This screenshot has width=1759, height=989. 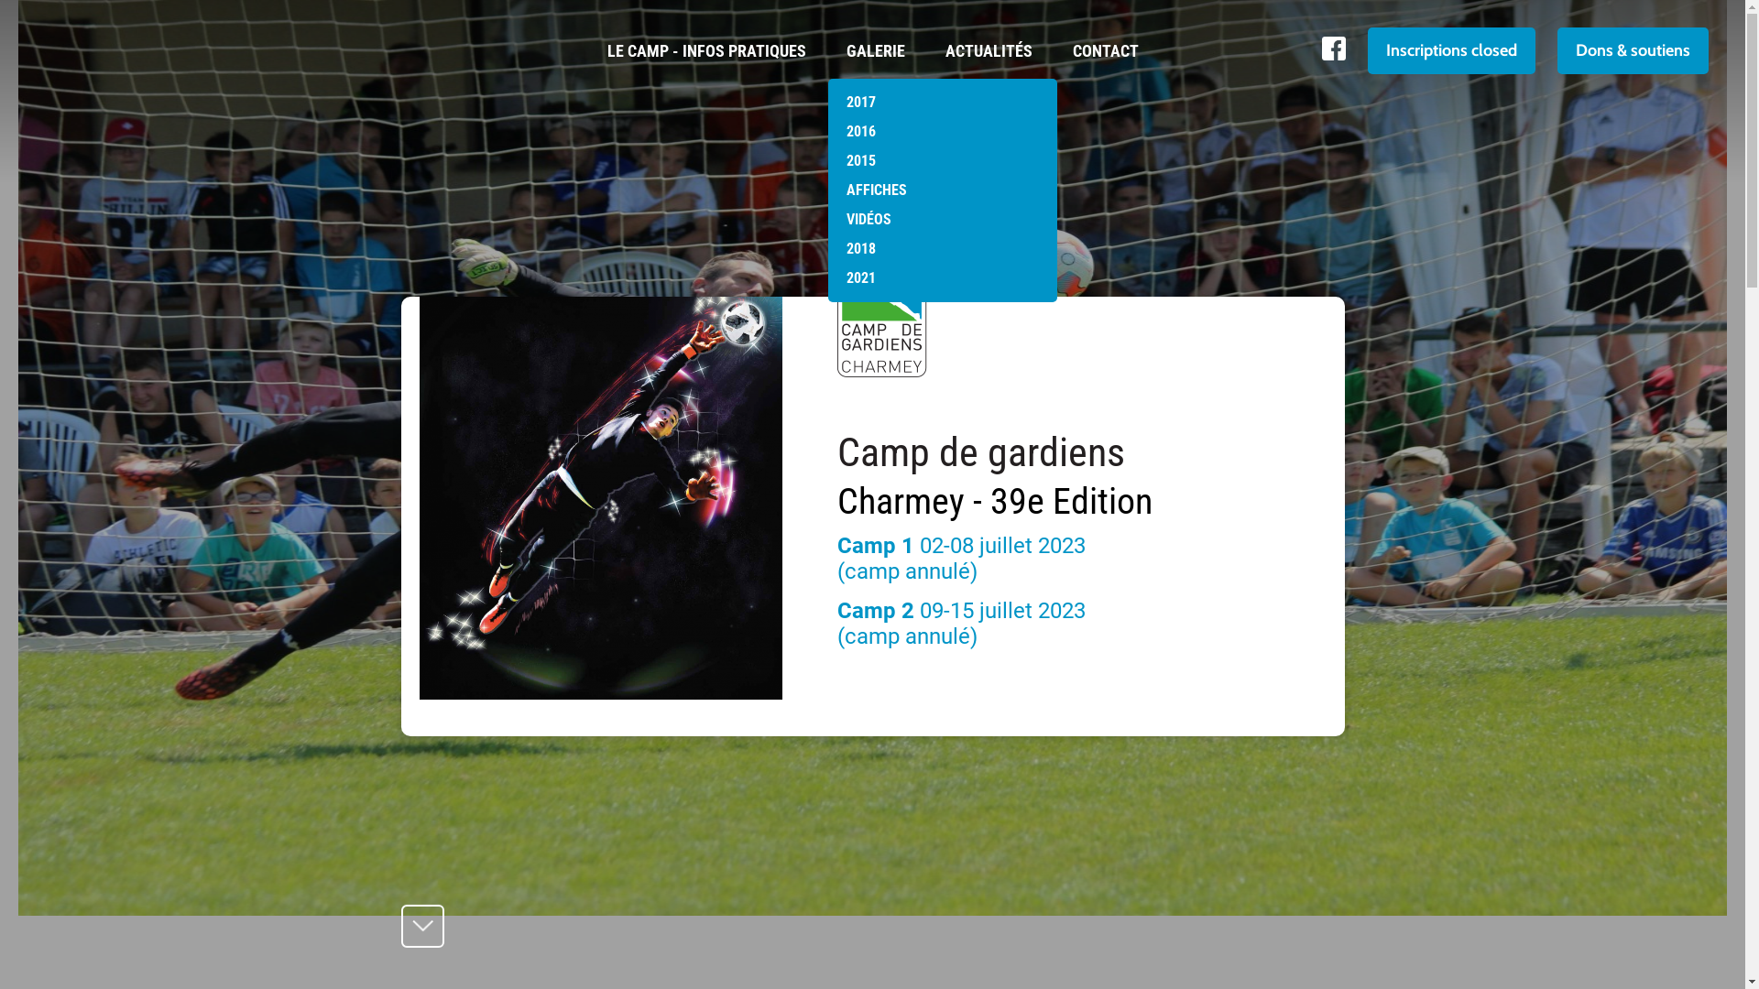 I want to click on 'Inscriptions closed', so click(x=1450, y=49).